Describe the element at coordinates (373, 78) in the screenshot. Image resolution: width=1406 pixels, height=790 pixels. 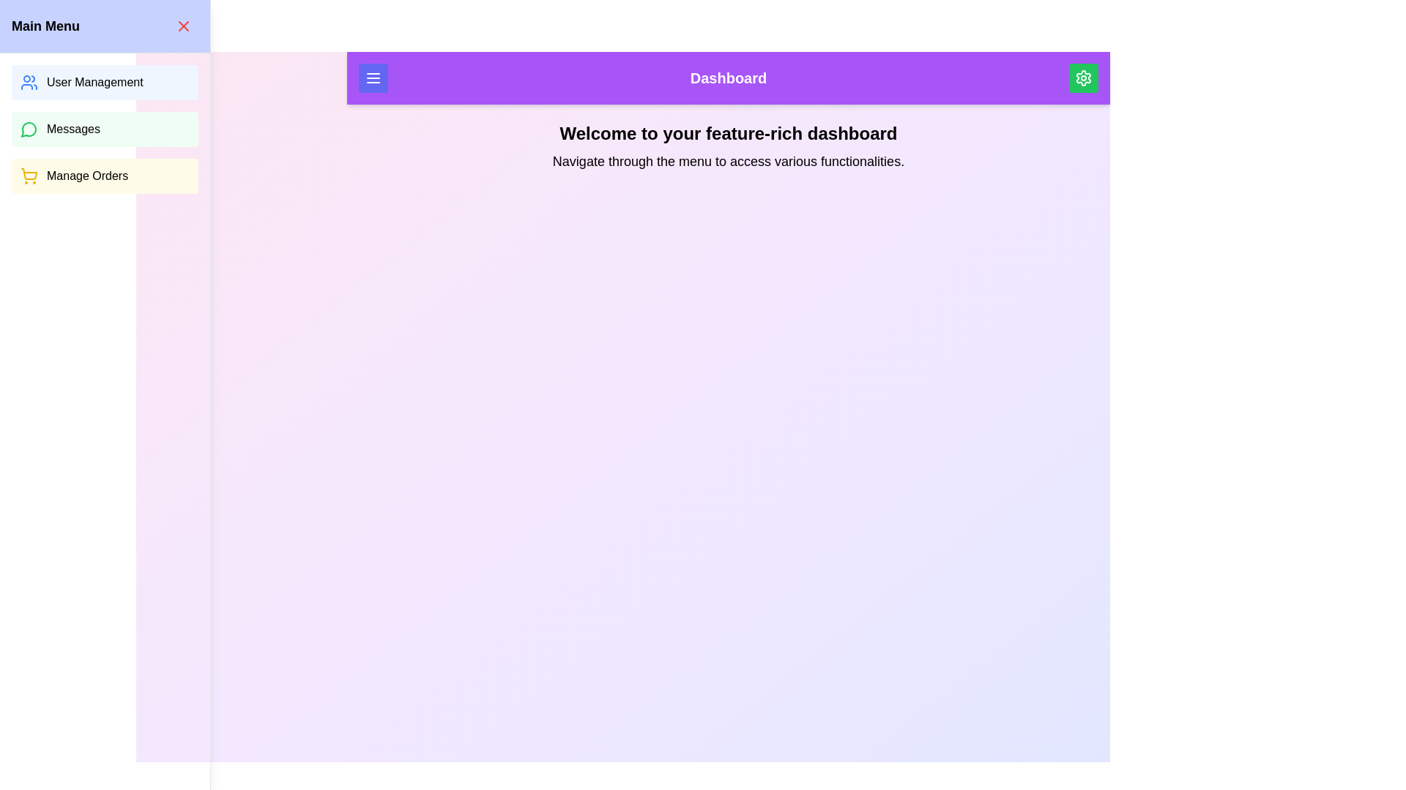
I see `the small rectangular button with a blue background and a three-line hamburger menu icon located in the purple header bar labeled 'Dashboard'` at that location.